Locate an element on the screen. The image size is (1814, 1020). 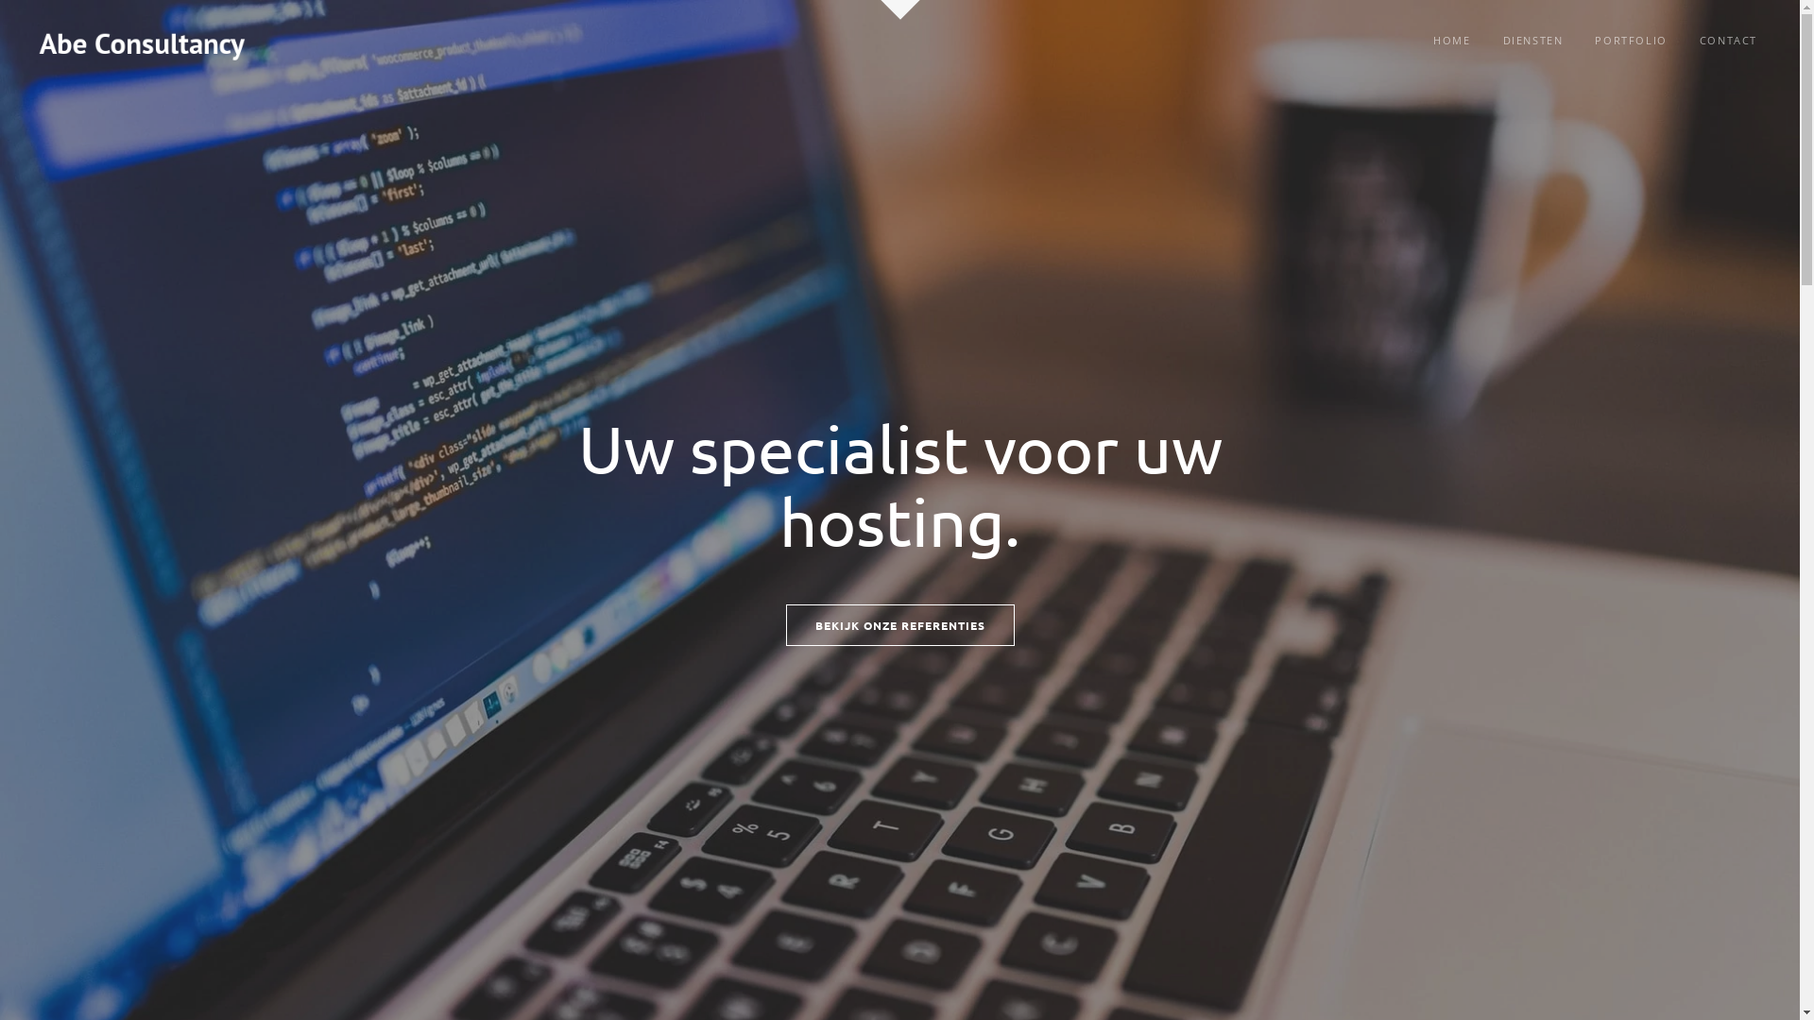
'HOME' is located at coordinates (1450, 40).